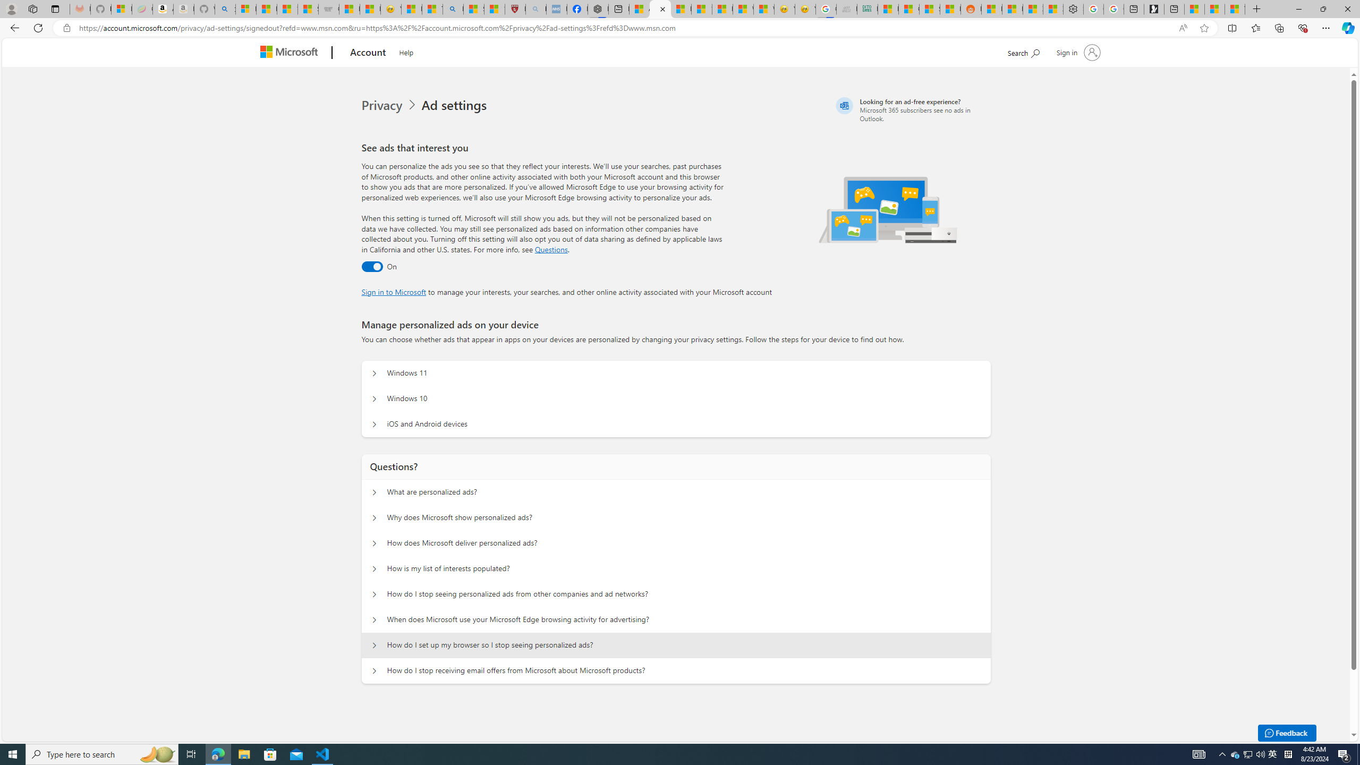 Image resolution: width=1360 pixels, height=765 pixels. What do you see at coordinates (515, 8) in the screenshot?
I see `'Robert H. Shmerling, MD - Harvard Health'` at bounding box center [515, 8].